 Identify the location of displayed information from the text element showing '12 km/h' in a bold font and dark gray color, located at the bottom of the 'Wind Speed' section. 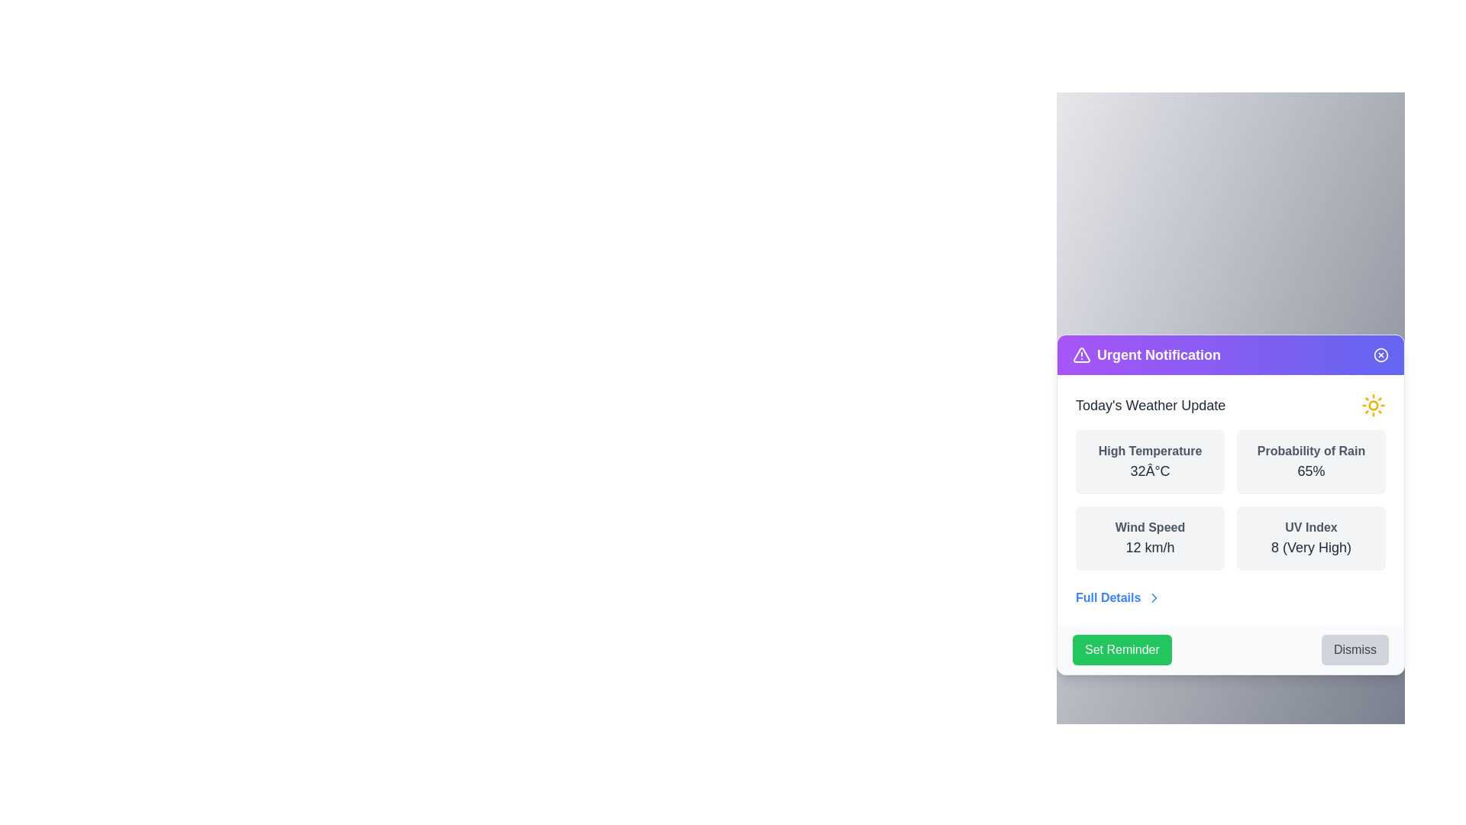
(1150, 547).